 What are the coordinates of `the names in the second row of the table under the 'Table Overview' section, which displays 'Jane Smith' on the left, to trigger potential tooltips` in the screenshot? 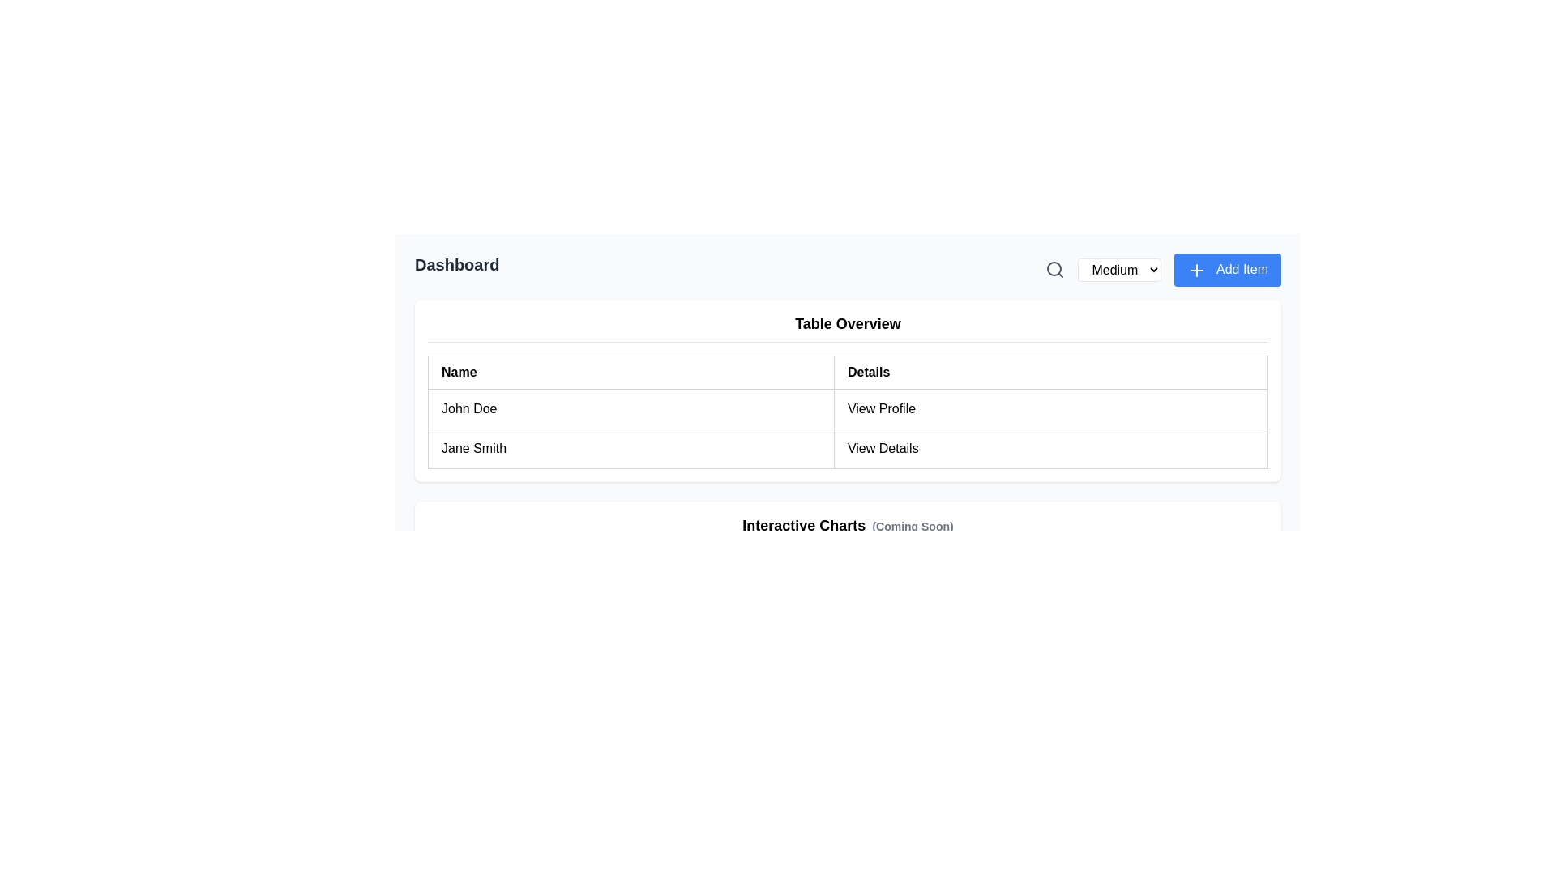 It's located at (847, 448).